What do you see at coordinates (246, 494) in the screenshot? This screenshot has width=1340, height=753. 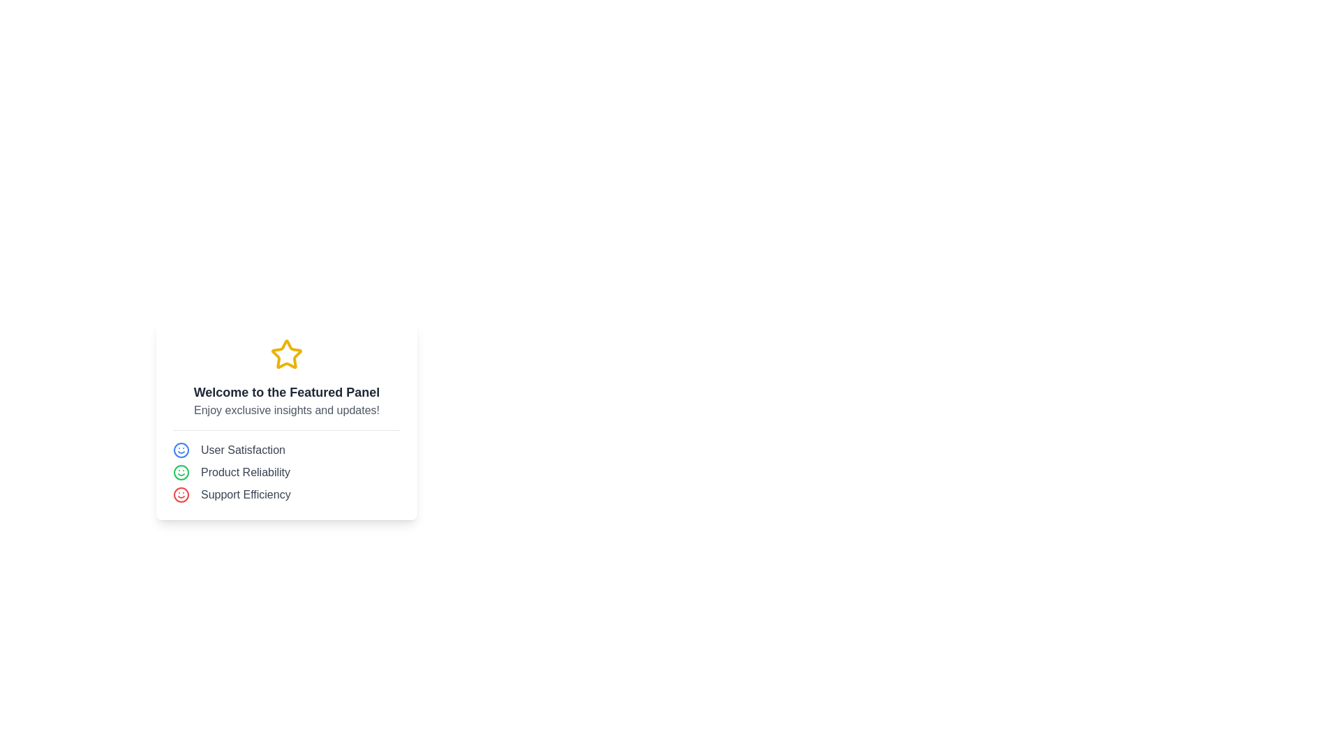 I see `the text label displaying 'Support Efficiency' which is part of a vertical list in a metrics panel, located centrally at the bottom section of the panel` at bounding box center [246, 494].